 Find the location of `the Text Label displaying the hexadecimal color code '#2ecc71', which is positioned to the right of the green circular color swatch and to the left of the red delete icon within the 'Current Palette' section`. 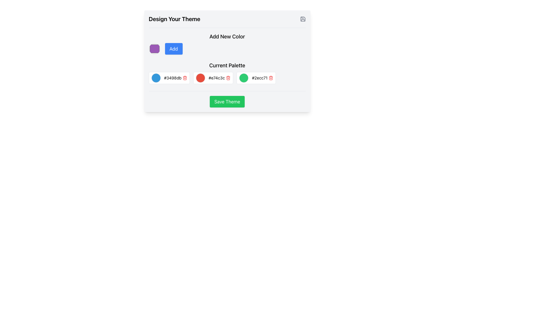

the Text Label displaying the hexadecimal color code '#2ecc71', which is positioned to the right of the green circular color swatch and to the left of the red delete icon within the 'Current Palette' section is located at coordinates (259, 78).